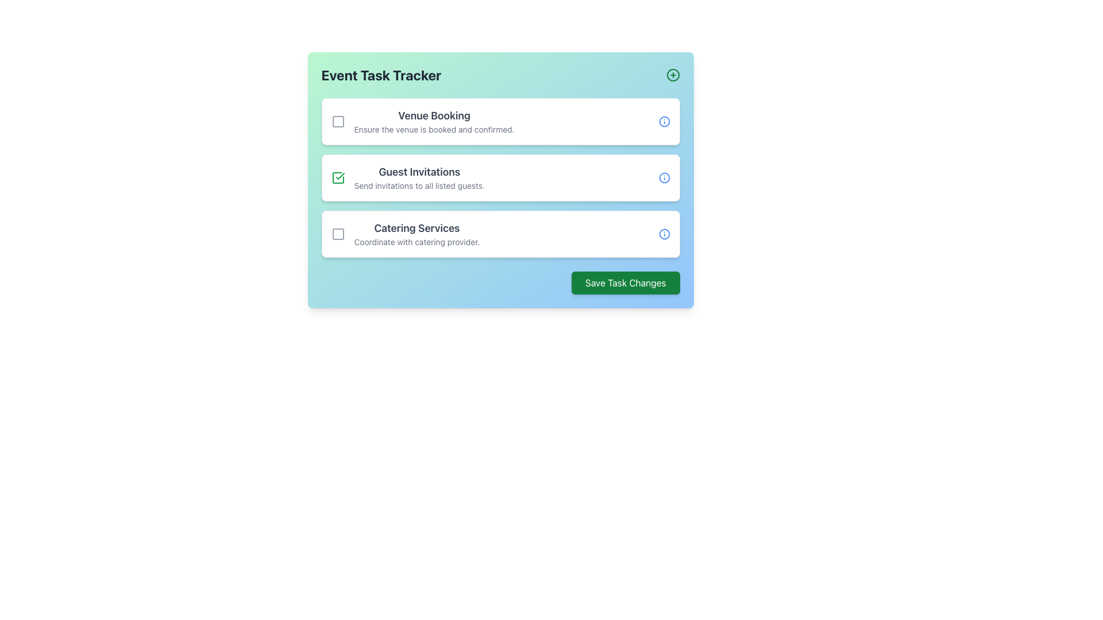 This screenshot has height=620, width=1103. I want to click on the icon button next to the 'Send invitations to all listed guests.' text, so click(664, 177).